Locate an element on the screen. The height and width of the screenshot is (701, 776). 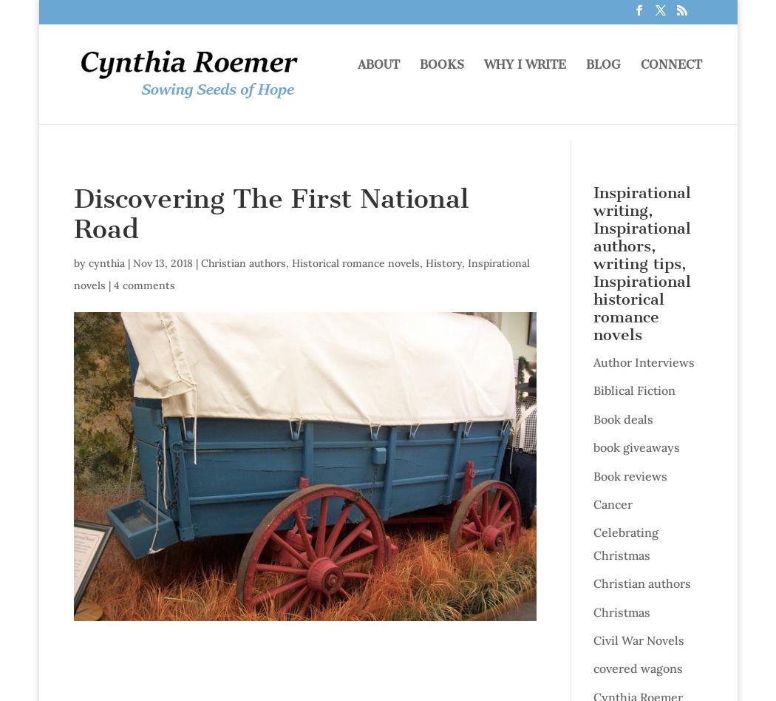
'BLOG' is located at coordinates (602, 82).